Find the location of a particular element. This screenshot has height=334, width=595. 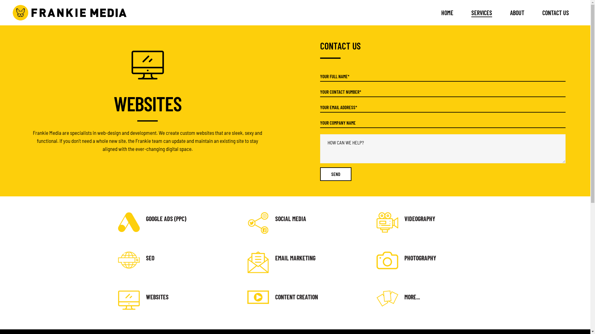

'SEO' is located at coordinates (150, 258).